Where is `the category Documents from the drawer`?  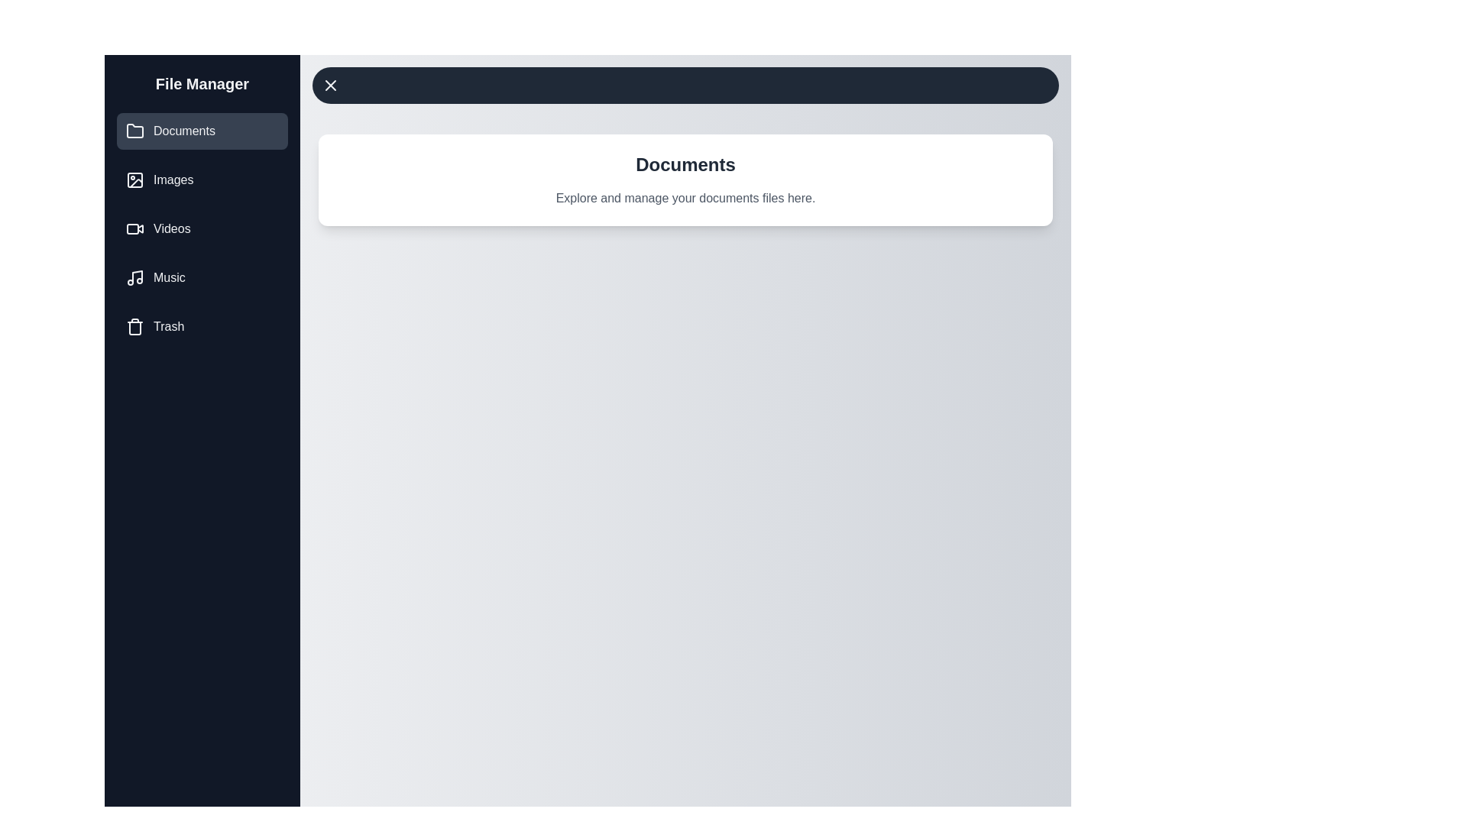
the category Documents from the drawer is located at coordinates (201, 131).